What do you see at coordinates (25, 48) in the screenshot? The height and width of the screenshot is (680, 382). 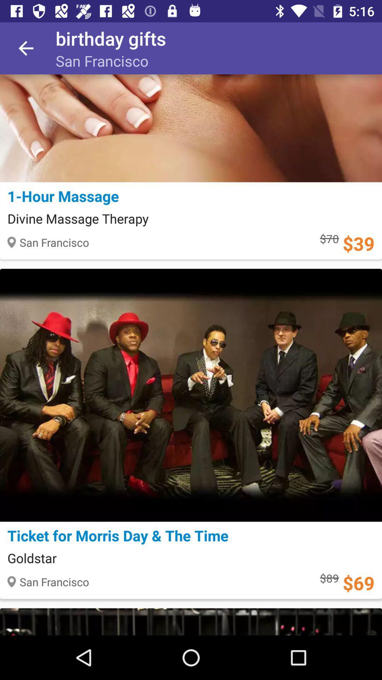 I see `the item next to birthday gifts icon` at bounding box center [25, 48].